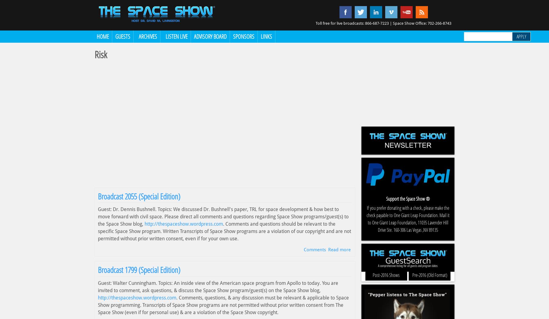  What do you see at coordinates (383, 23) in the screenshot?
I see `'Toll free for live broadcasts: 866-687-7223 | Space Show Office: 702-266-8743'` at bounding box center [383, 23].